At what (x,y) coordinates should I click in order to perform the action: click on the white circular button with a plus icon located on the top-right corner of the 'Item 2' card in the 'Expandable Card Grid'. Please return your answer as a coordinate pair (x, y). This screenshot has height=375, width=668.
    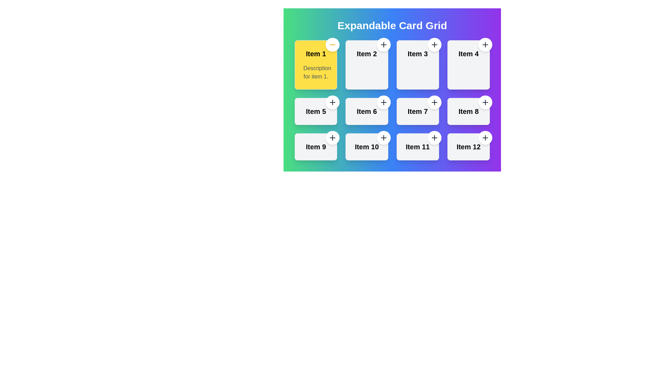
    Looking at the image, I should click on (383, 44).